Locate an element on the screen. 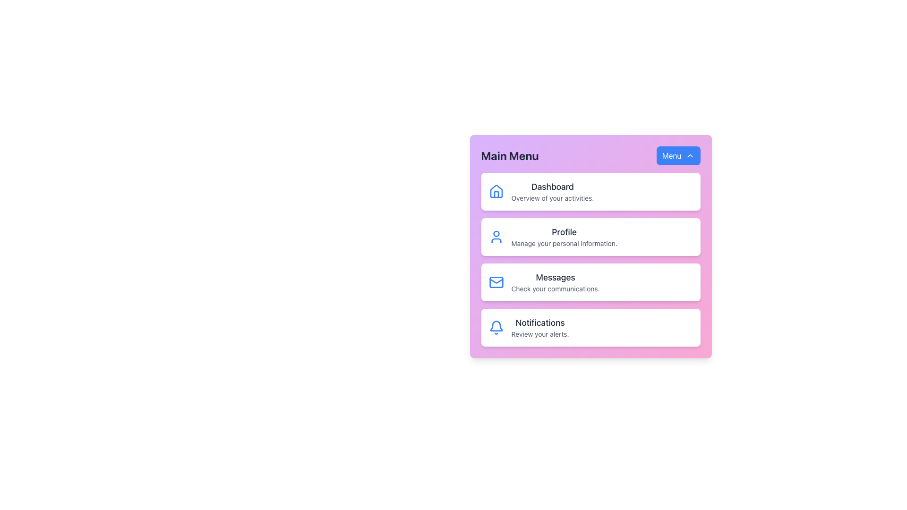 This screenshot has width=907, height=510. the Card with menu items that features a gradient background transitioning from purple to pink, containing 'Main Menu' as the heading and a button labeled 'Menu' in blue at the top-right corner is located at coordinates (590, 246).